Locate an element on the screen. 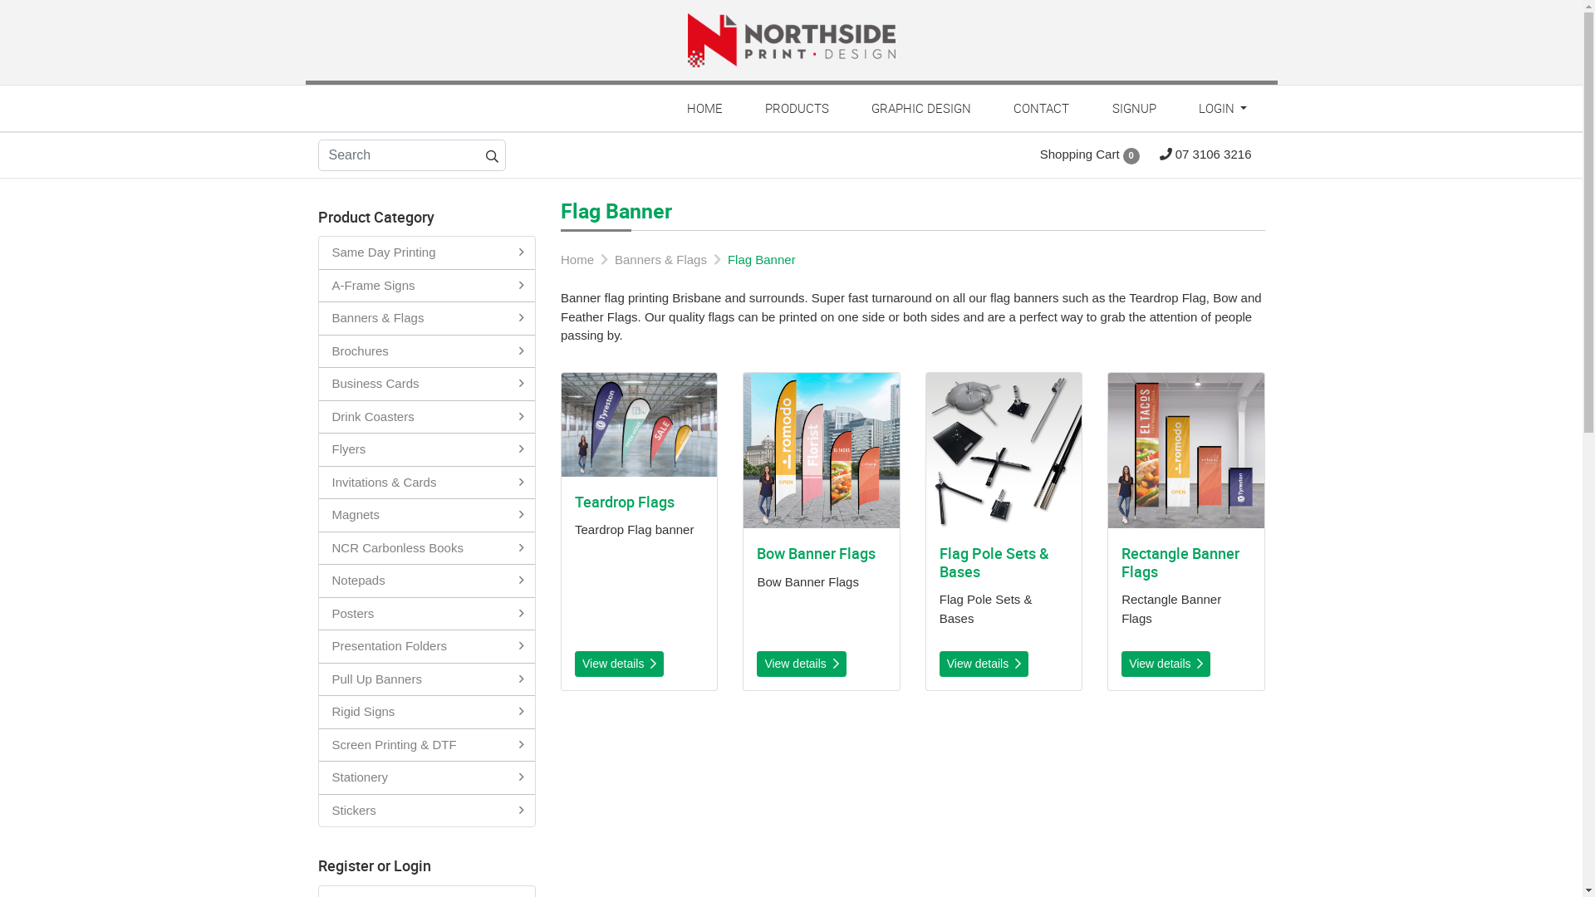 This screenshot has width=1595, height=897. 'Posters' is located at coordinates (427, 614).